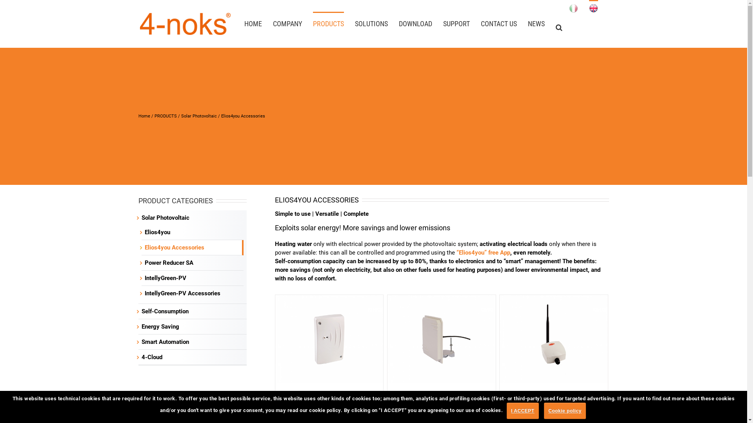 Image resolution: width=753 pixels, height=423 pixels. I want to click on 'Elios4you', so click(144, 232).